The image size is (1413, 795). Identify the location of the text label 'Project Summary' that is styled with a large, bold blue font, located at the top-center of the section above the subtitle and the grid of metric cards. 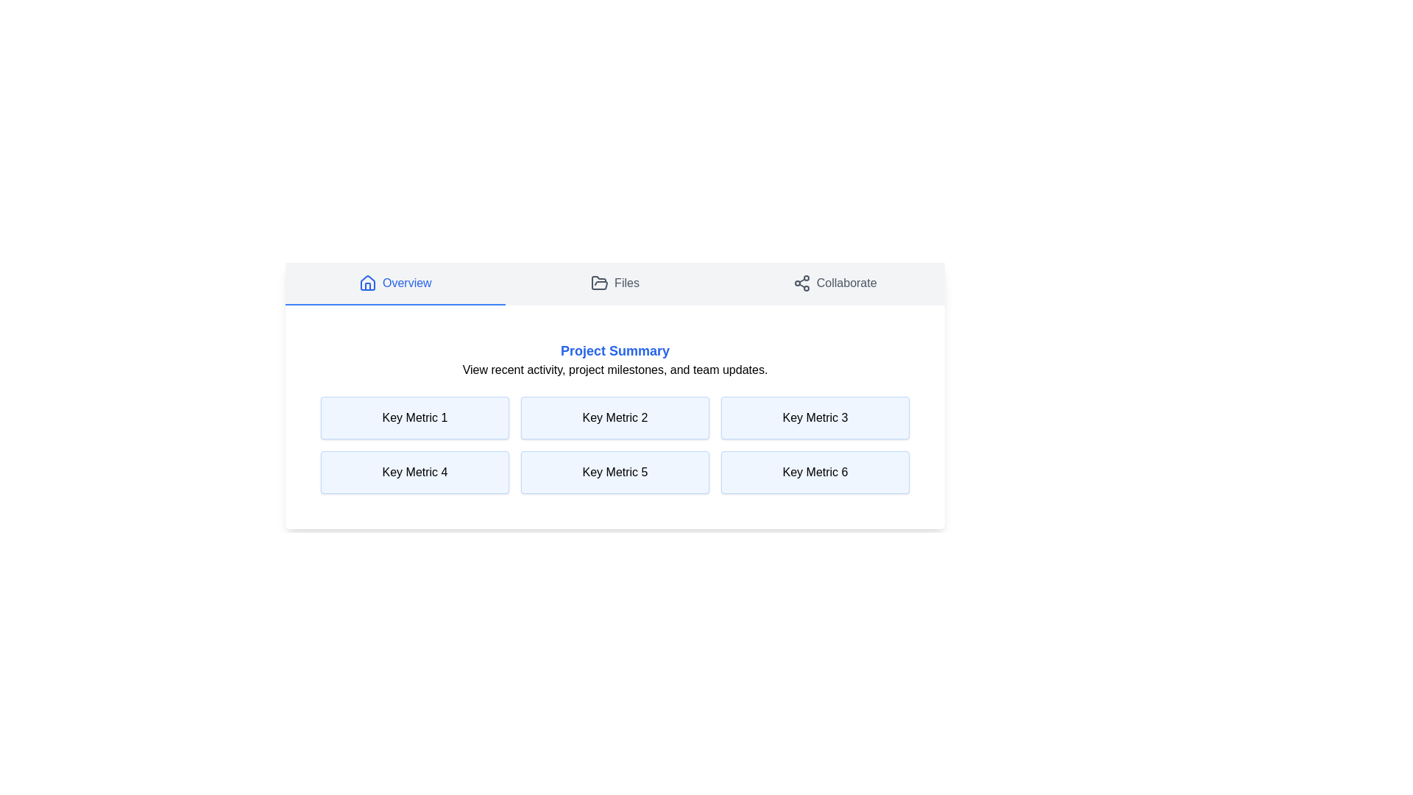
(615, 351).